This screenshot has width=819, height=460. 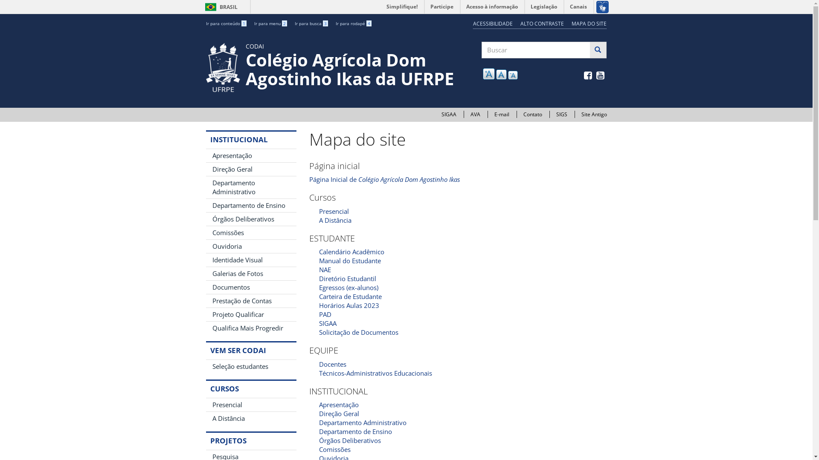 What do you see at coordinates (489, 73) in the screenshot?
I see `'A'` at bounding box center [489, 73].